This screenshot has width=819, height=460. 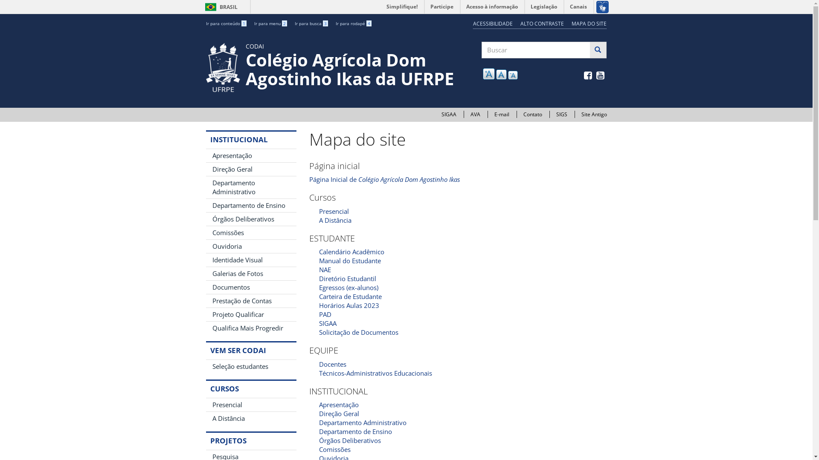 What do you see at coordinates (489, 73) in the screenshot?
I see `'A'` at bounding box center [489, 73].